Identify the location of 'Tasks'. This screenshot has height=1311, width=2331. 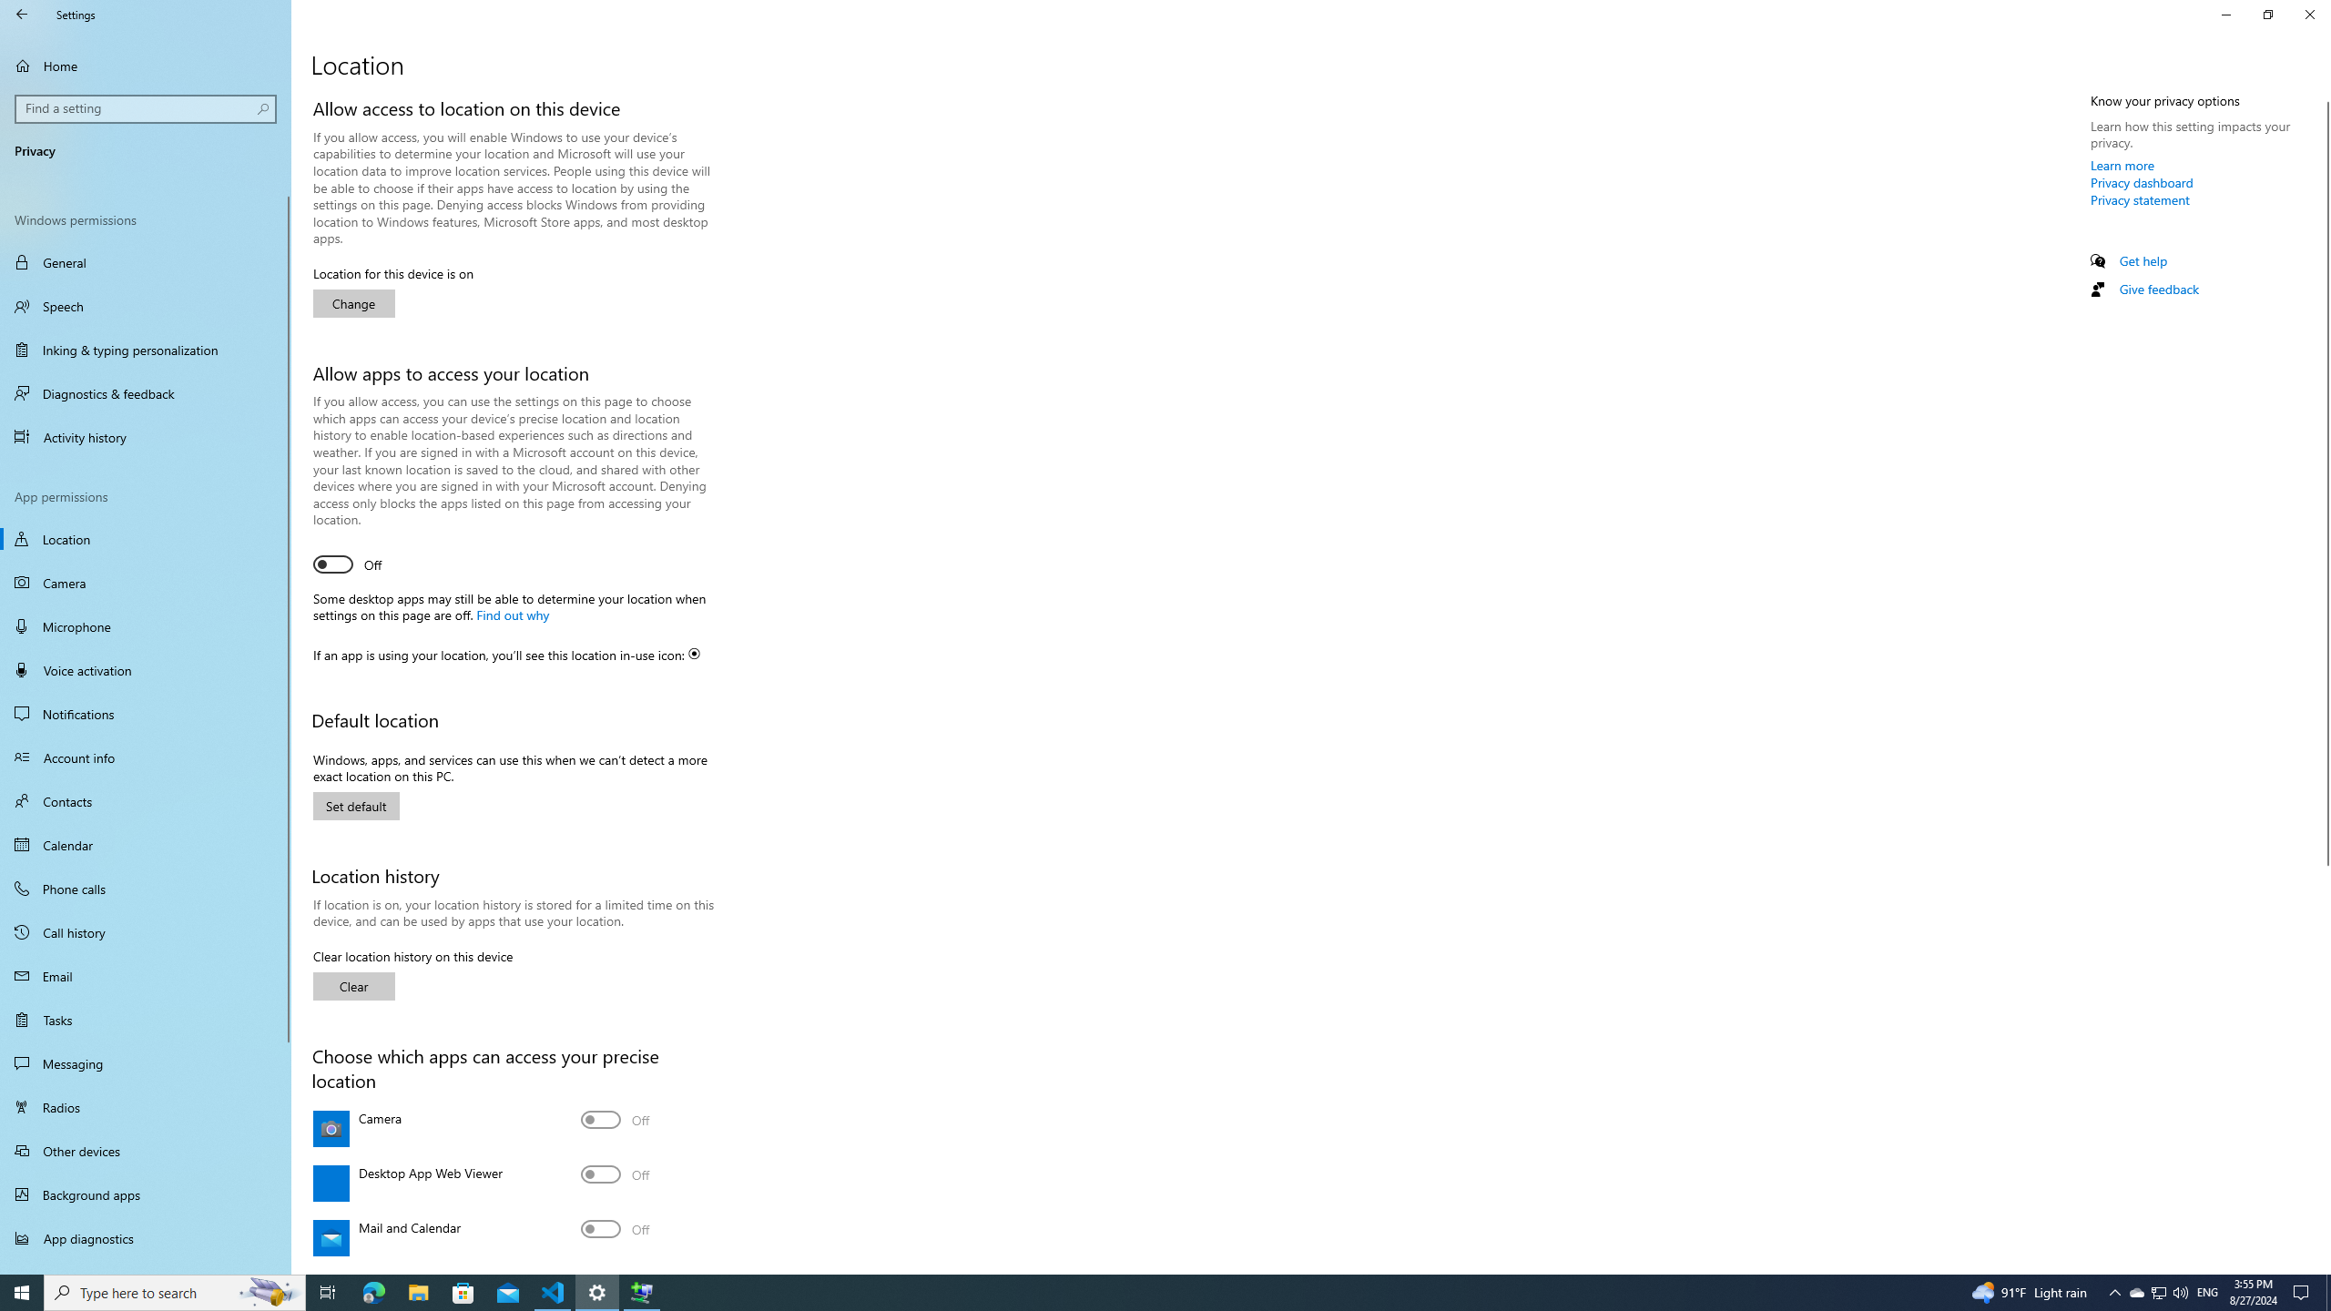
(145, 1018).